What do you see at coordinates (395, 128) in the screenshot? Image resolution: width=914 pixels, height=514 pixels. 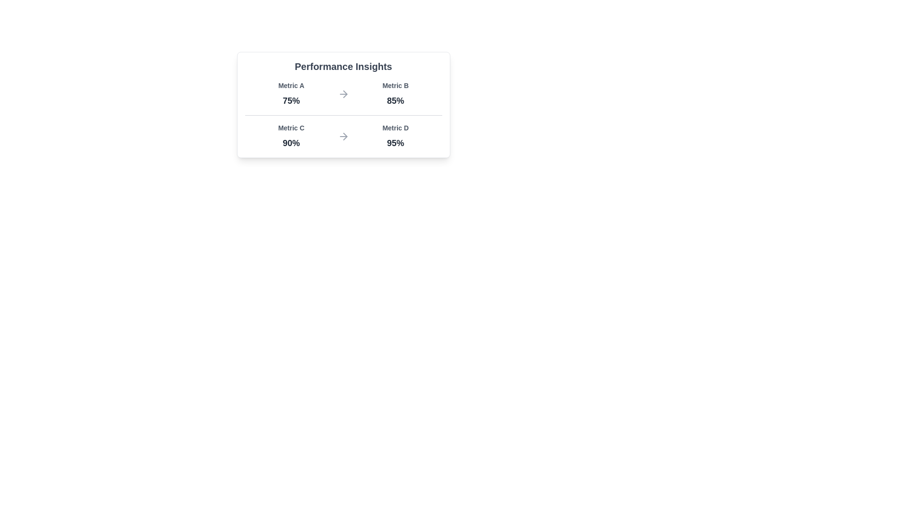 I see `the Text label for 'Metric D' which is positioned above the value '95%'` at bounding box center [395, 128].